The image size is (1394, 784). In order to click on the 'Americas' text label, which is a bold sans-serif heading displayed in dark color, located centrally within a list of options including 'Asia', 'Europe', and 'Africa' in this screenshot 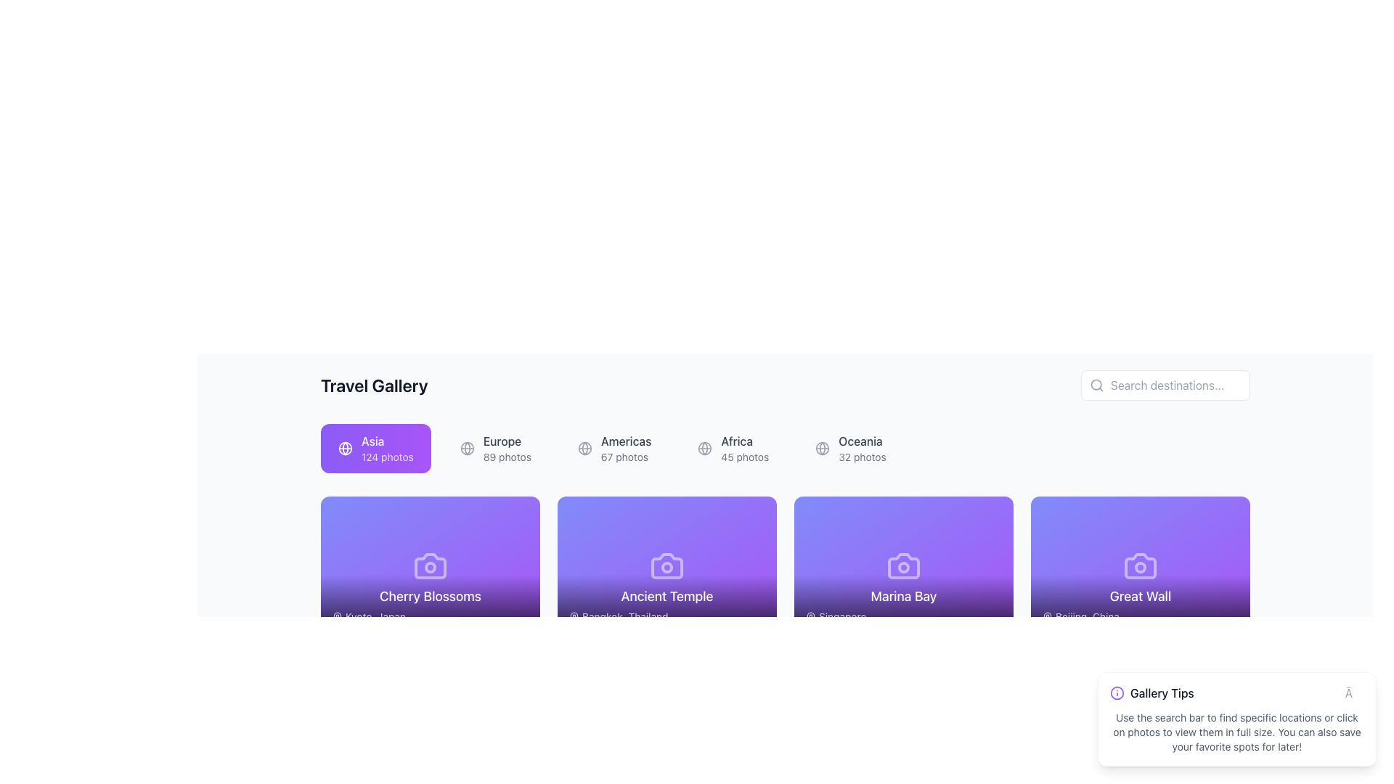, I will do `click(626, 441)`.